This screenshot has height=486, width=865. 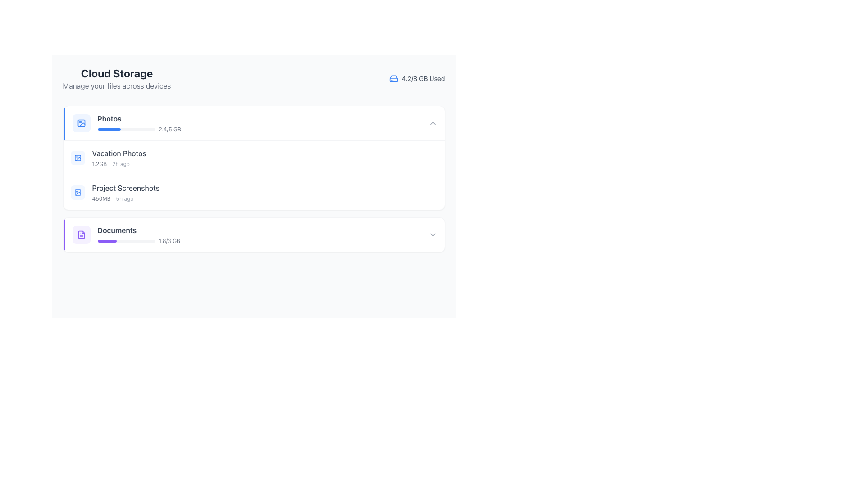 I want to click on the blue-filled progress bar segment under the 'Photos' section in the 'Cloud Storage' interface, so click(x=109, y=130).